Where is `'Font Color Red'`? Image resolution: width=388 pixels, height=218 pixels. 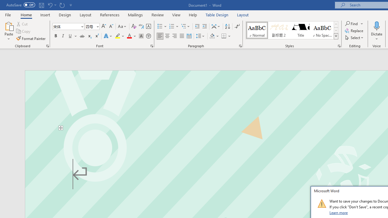
'Font Color Red' is located at coordinates (129, 36).